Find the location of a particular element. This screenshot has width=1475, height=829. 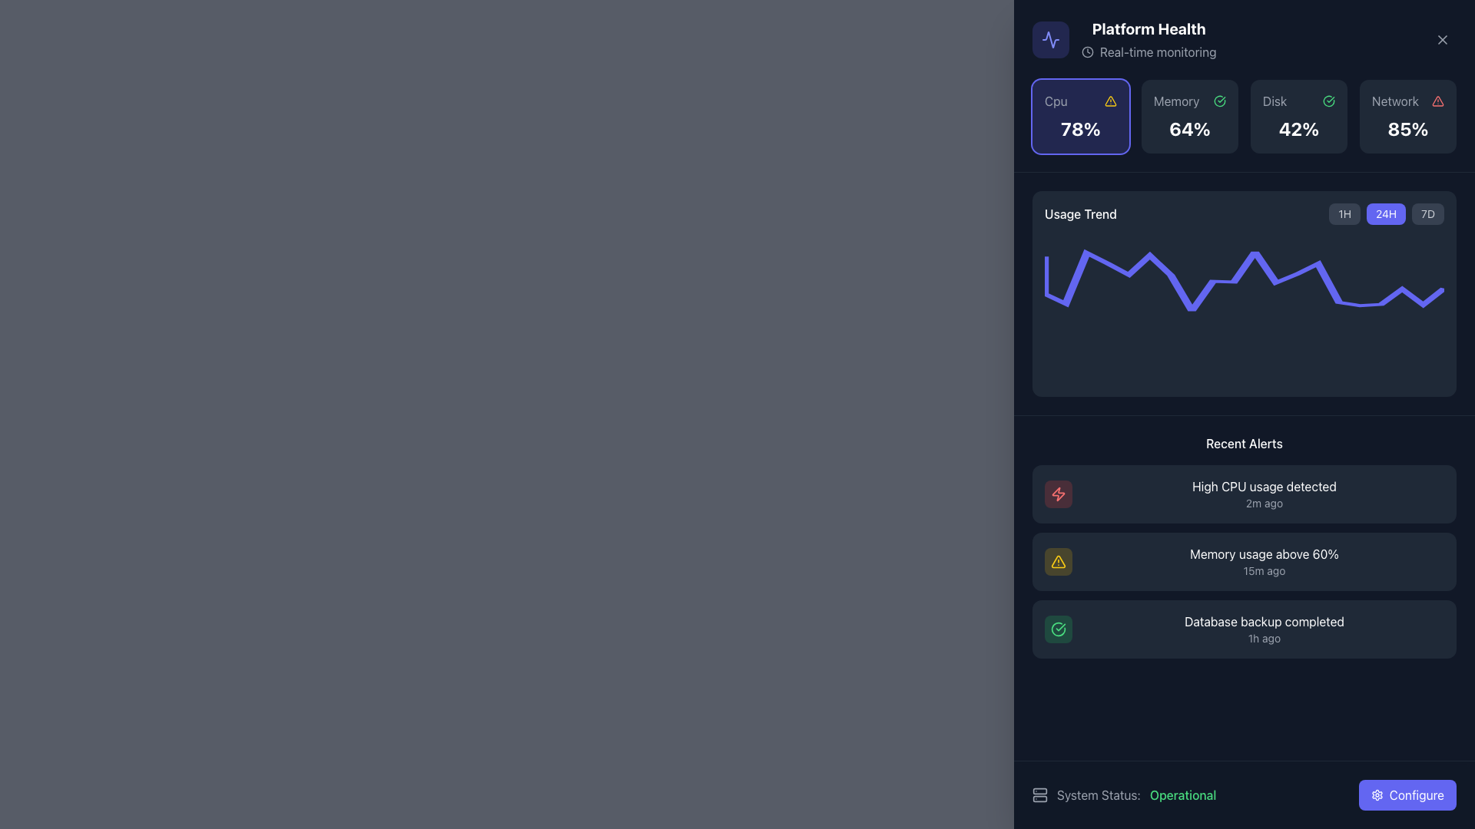

the Status Card in the fourth position of the grid is located at coordinates (1408, 115).